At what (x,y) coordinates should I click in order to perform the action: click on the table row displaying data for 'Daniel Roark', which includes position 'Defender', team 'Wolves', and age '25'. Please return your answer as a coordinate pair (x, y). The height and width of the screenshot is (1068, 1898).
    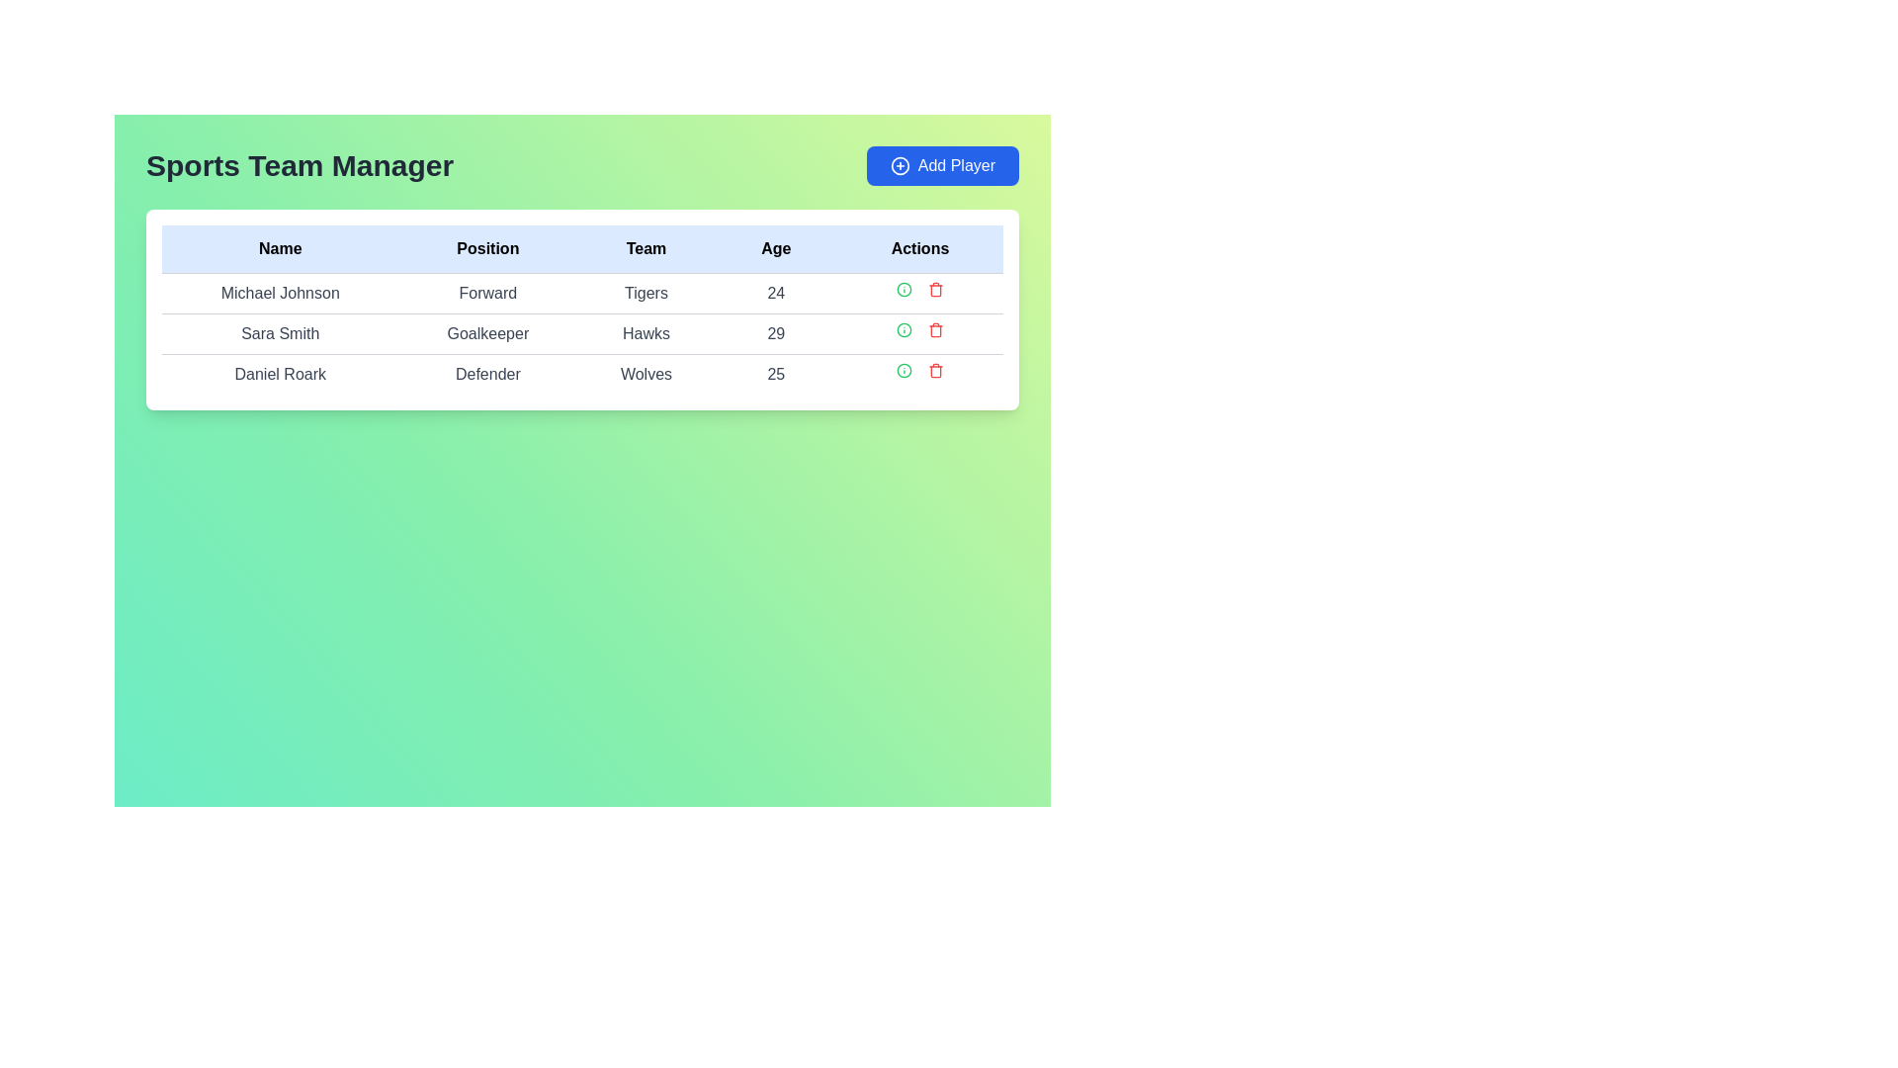
    Looking at the image, I should click on (581, 374).